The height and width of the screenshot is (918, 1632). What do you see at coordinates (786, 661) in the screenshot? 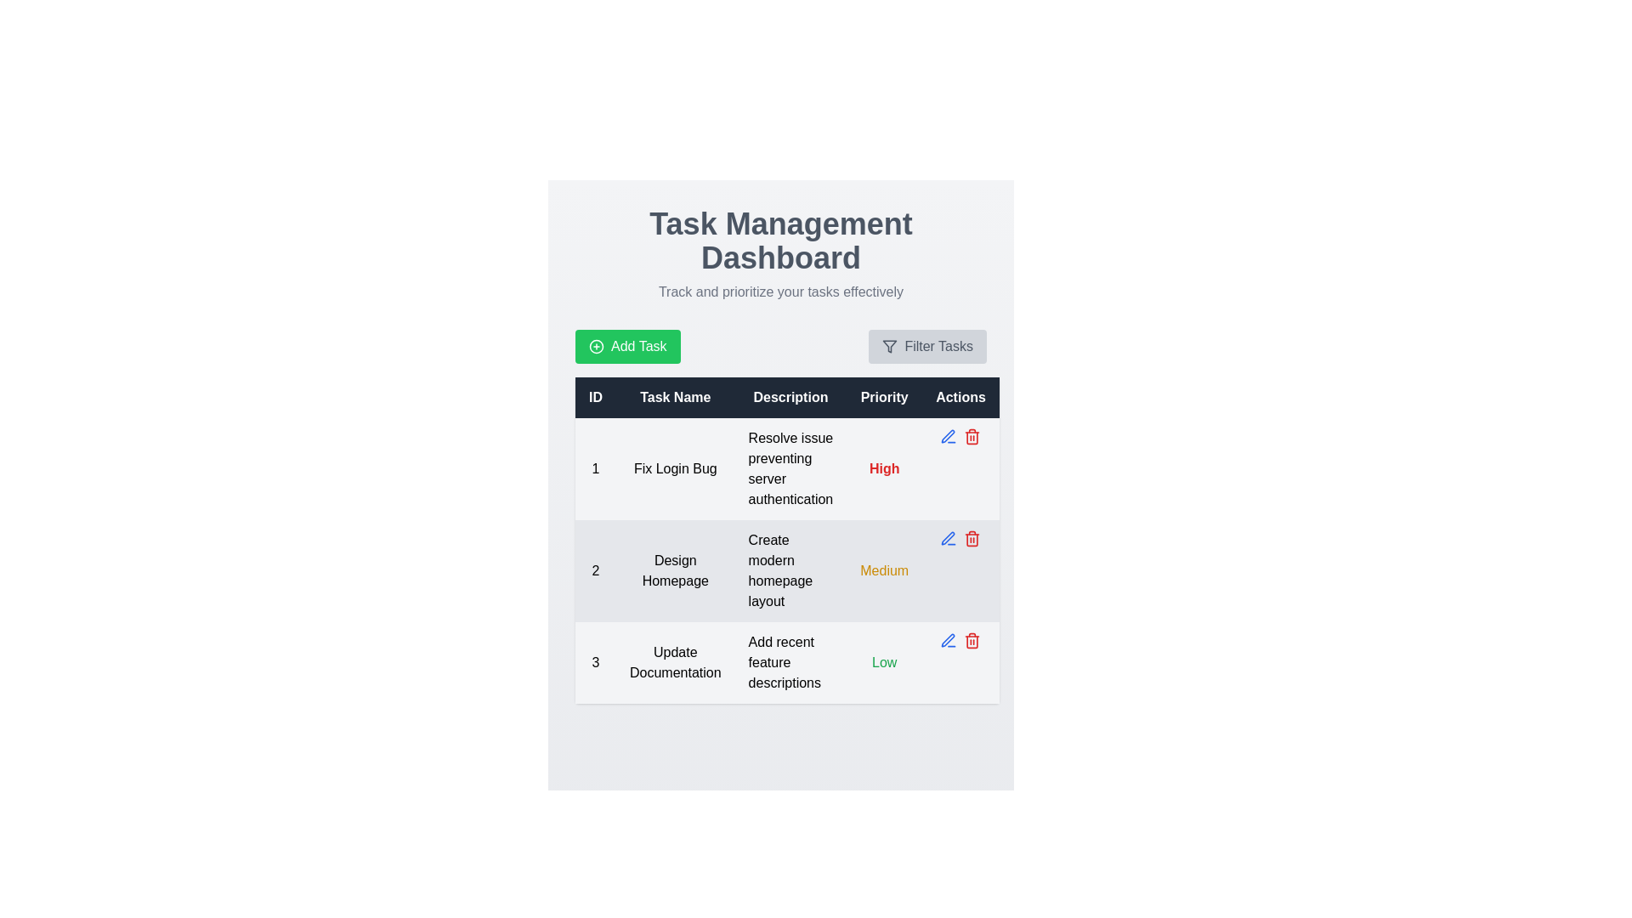
I see `the third row of the task table that displays details about a specific task, including action buttons for editing or deleting the task` at bounding box center [786, 661].